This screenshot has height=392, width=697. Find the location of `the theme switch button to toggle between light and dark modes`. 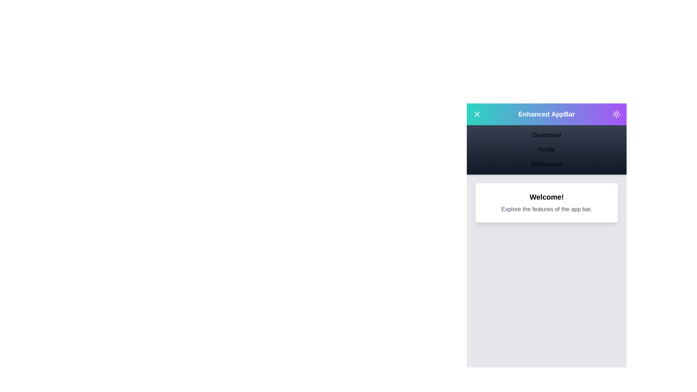

the theme switch button to toggle between light and dark modes is located at coordinates (616, 114).